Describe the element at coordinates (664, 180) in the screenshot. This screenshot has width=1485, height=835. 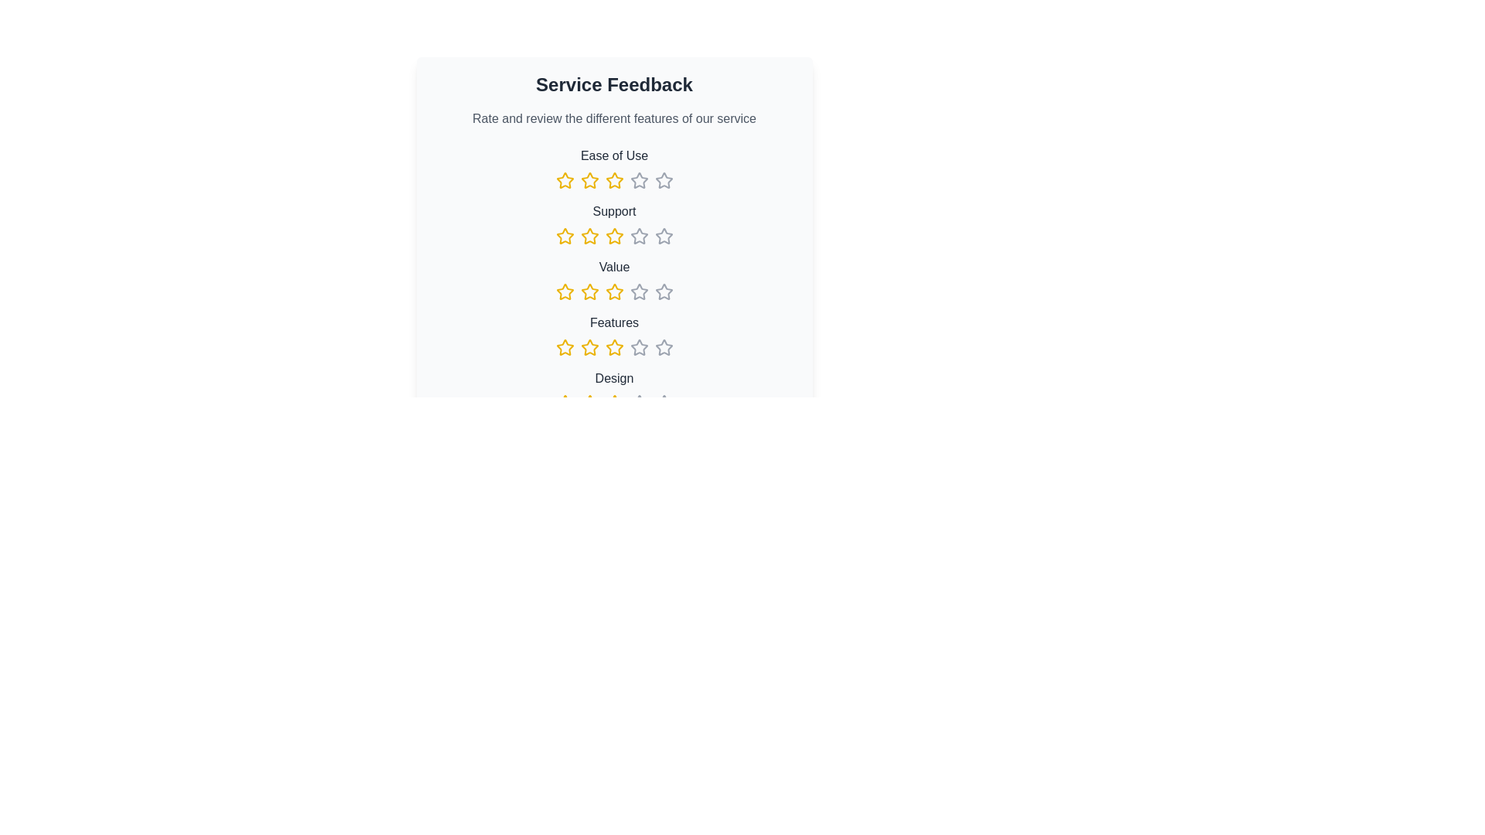
I see `the last star-shaped icon in the rating component for 'Ease of Use'` at that location.